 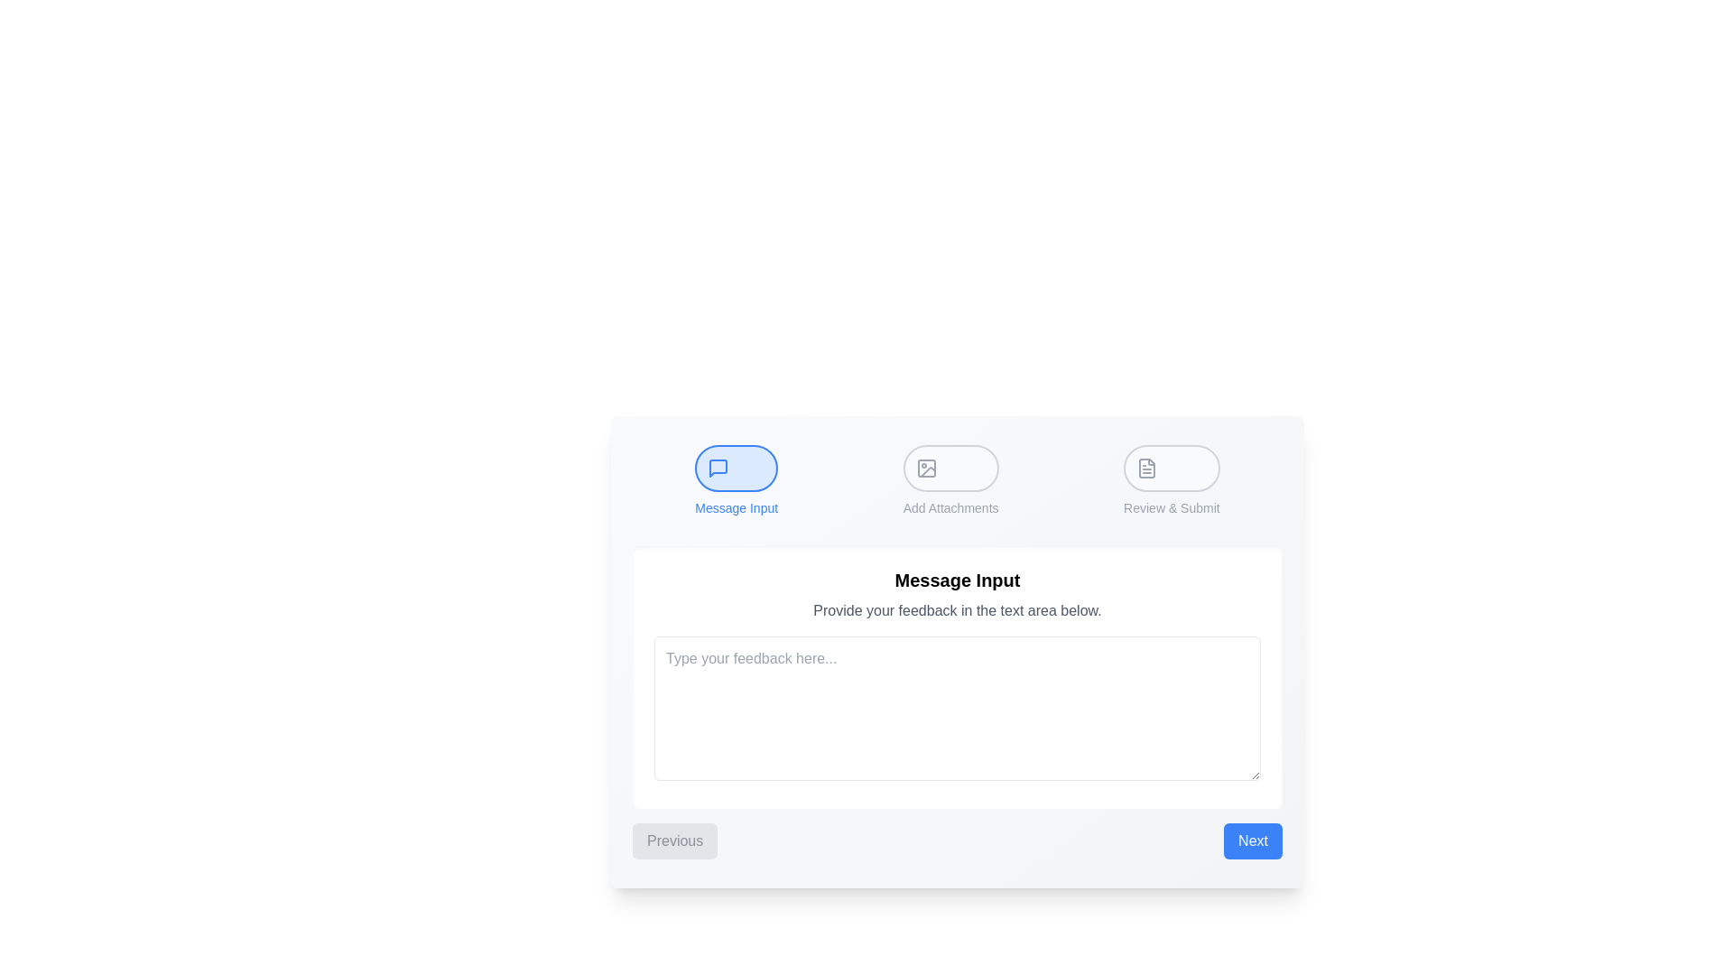 I want to click on the text input field to focus and enable editing, so click(x=956, y=708).